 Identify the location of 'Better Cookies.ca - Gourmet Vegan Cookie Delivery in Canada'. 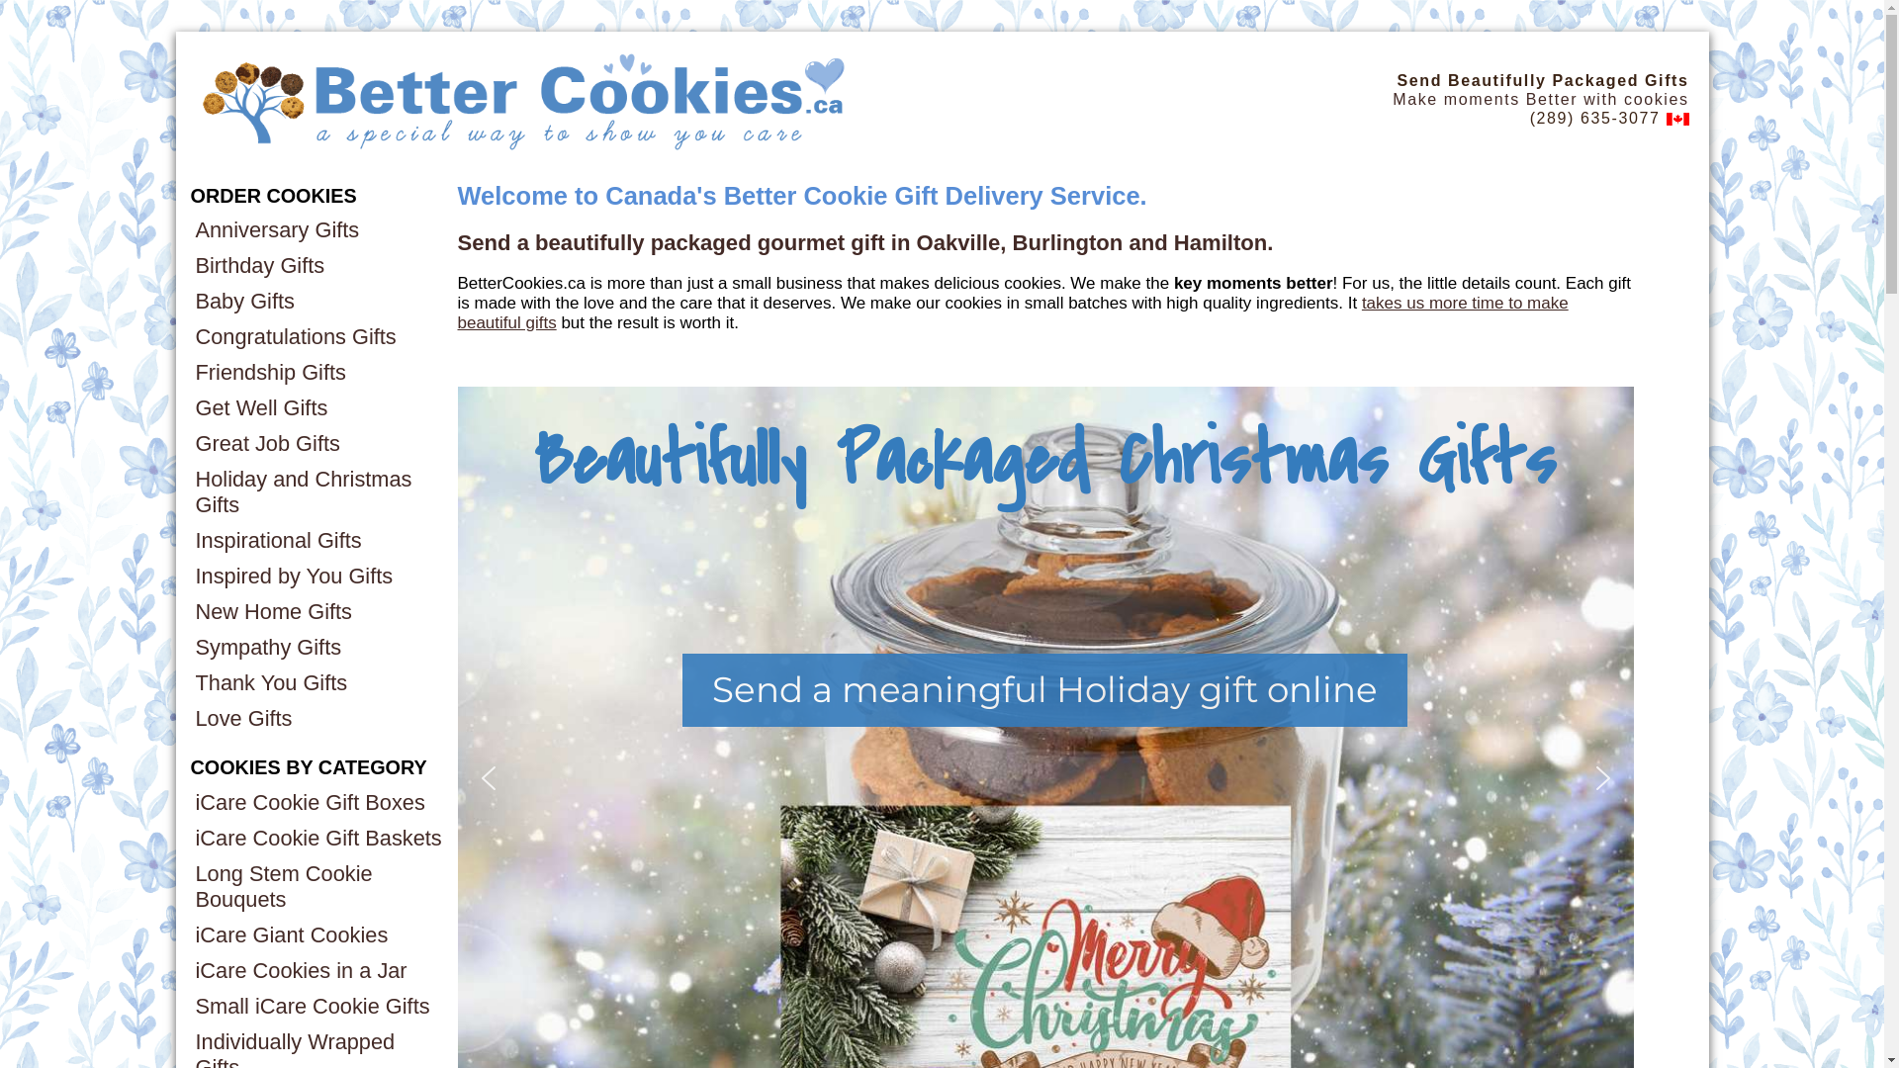
(195, 99).